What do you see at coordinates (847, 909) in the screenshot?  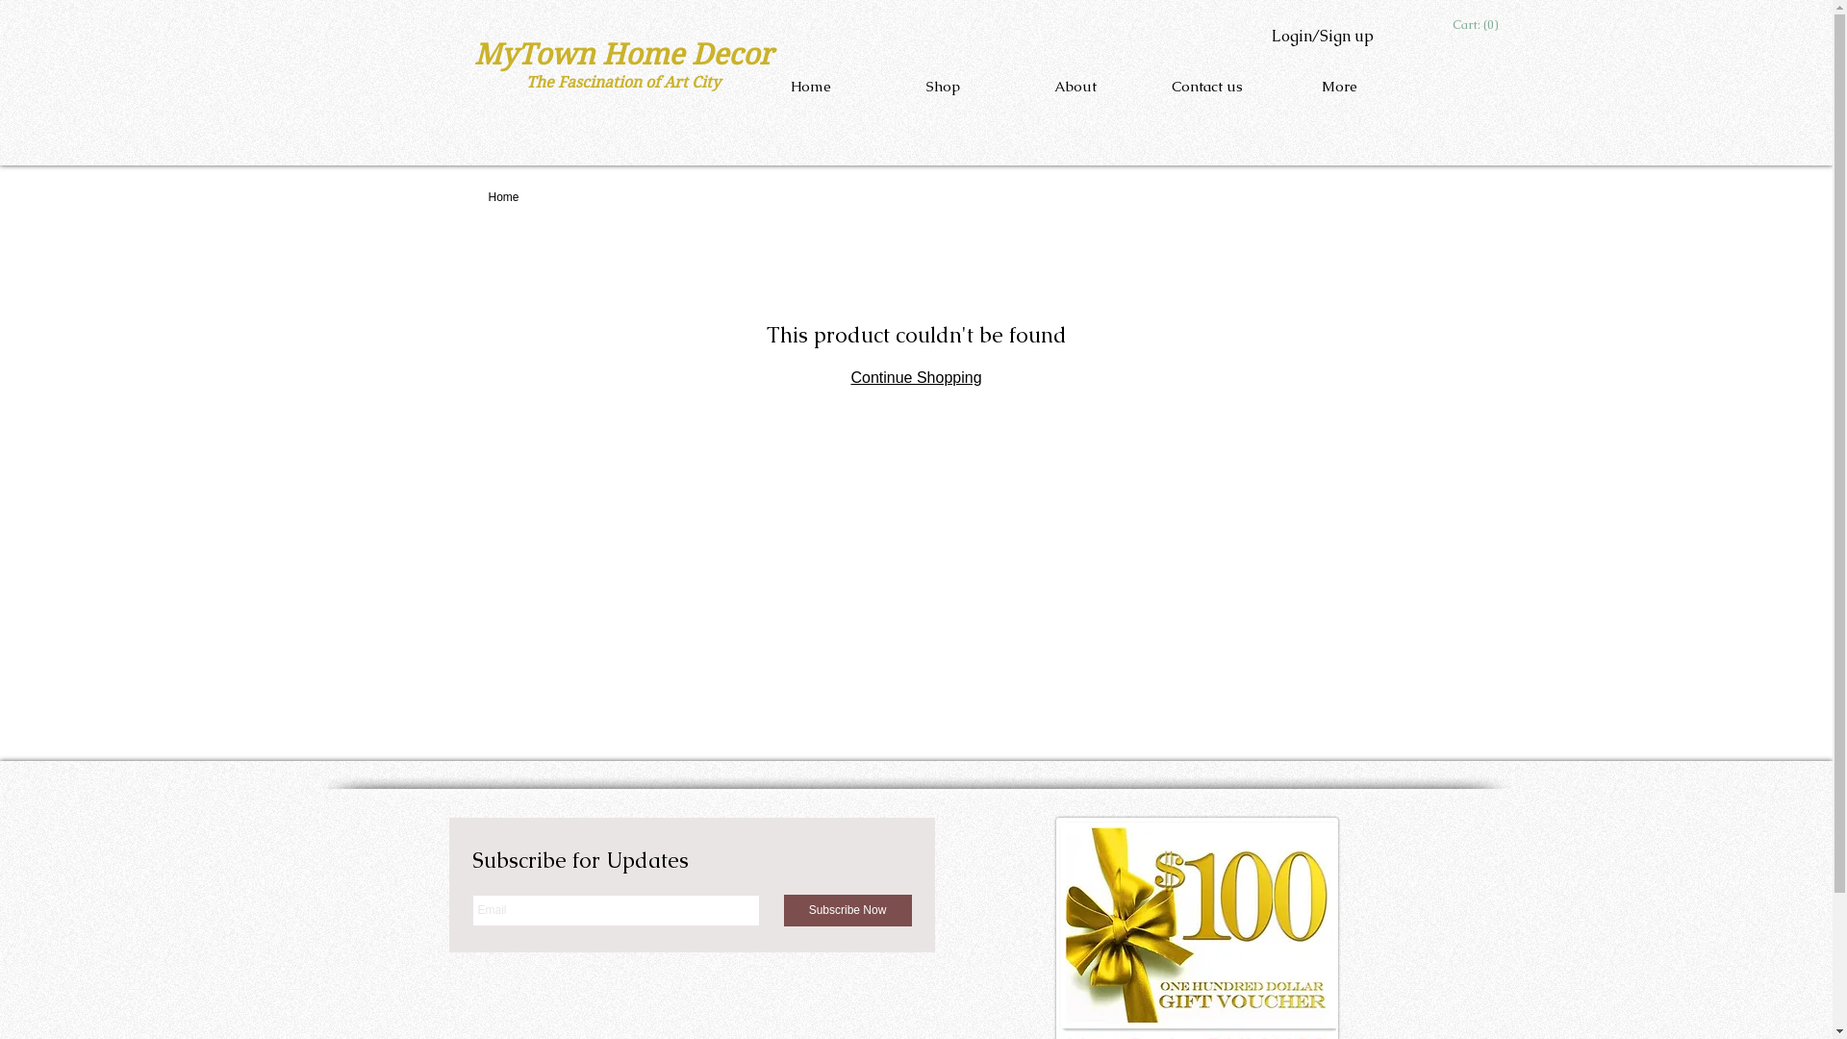 I see `'Subscribe Now'` at bounding box center [847, 909].